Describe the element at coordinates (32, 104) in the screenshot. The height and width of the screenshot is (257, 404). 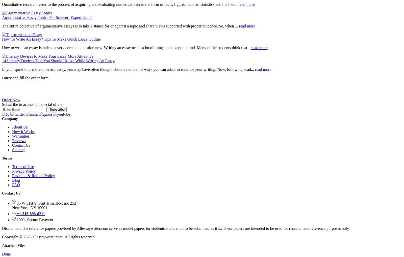
I see `'Subscribe to access our special offers'` at that location.